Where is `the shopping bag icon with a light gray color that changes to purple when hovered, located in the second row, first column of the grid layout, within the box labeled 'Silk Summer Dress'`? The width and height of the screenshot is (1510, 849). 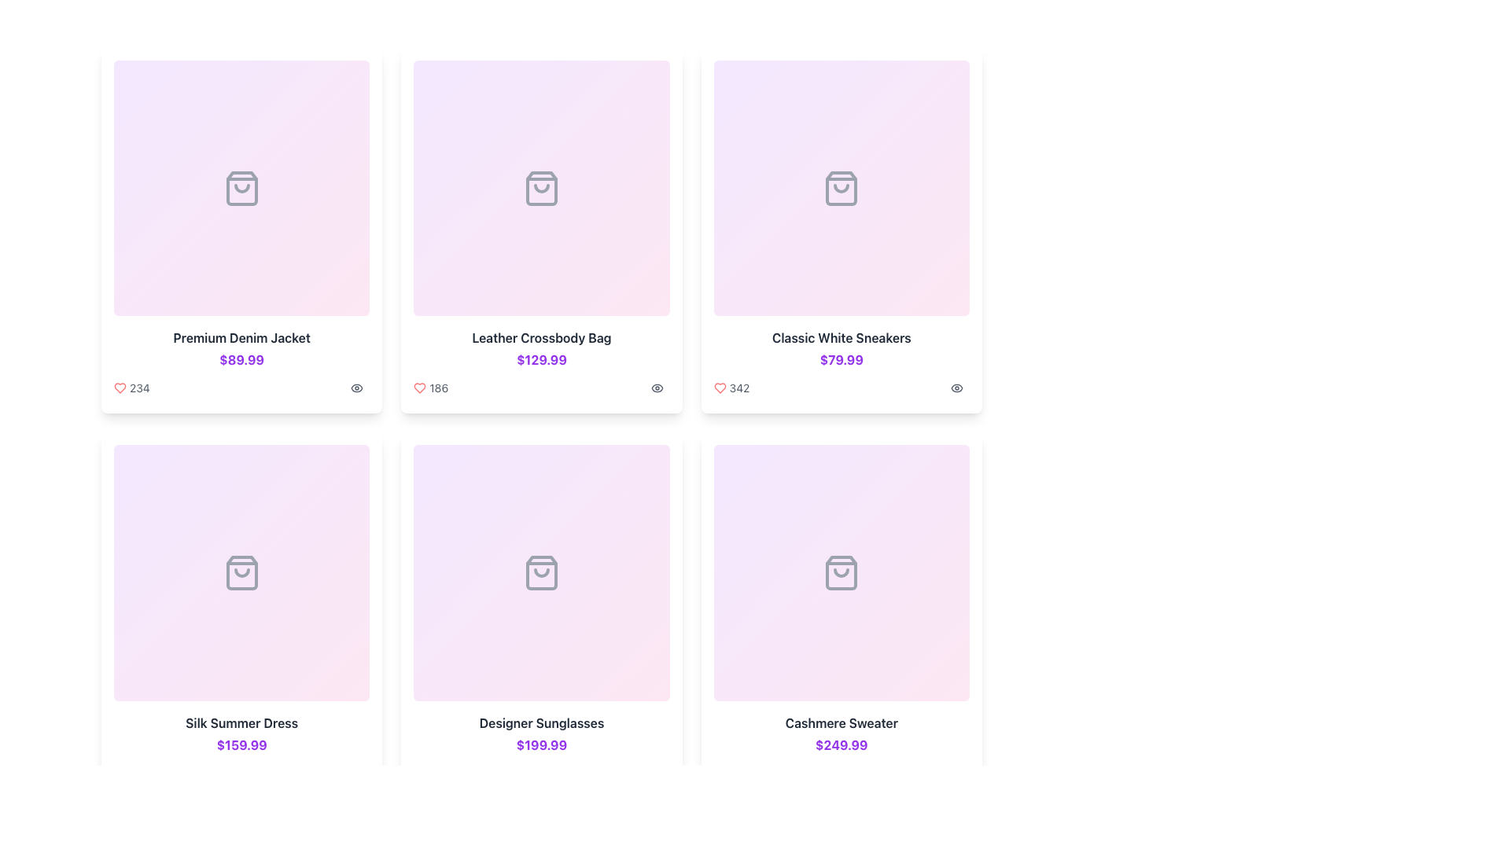 the shopping bag icon with a light gray color that changes to purple when hovered, located in the second row, first column of the grid layout, within the box labeled 'Silk Summer Dress' is located at coordinates (241, 573).